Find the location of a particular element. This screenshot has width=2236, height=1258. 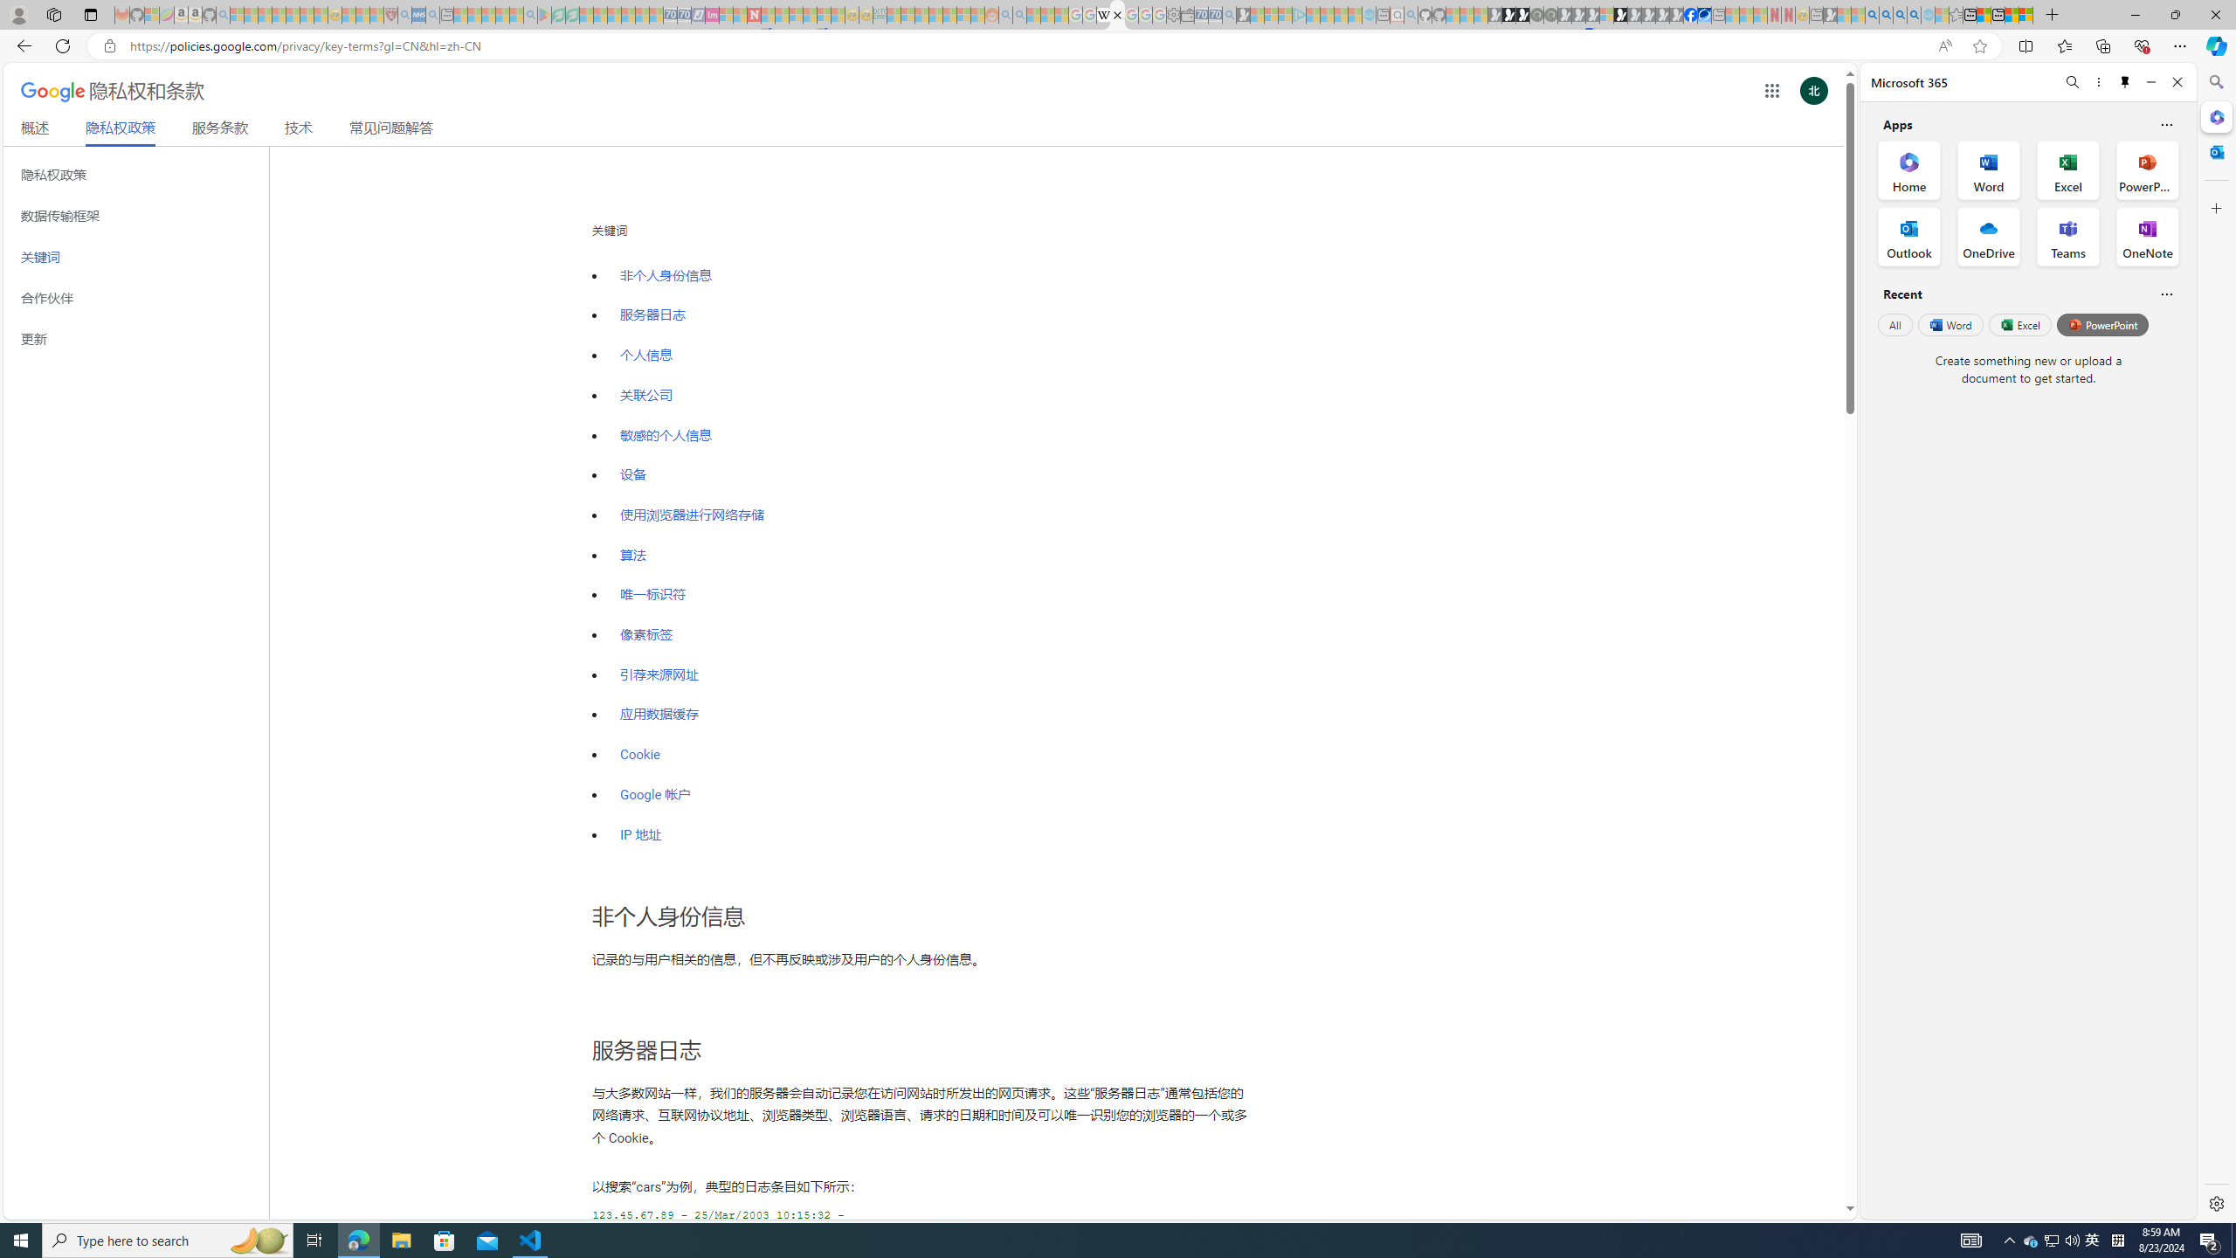

'PowerPoint' is located at coordinates (2101, 324).